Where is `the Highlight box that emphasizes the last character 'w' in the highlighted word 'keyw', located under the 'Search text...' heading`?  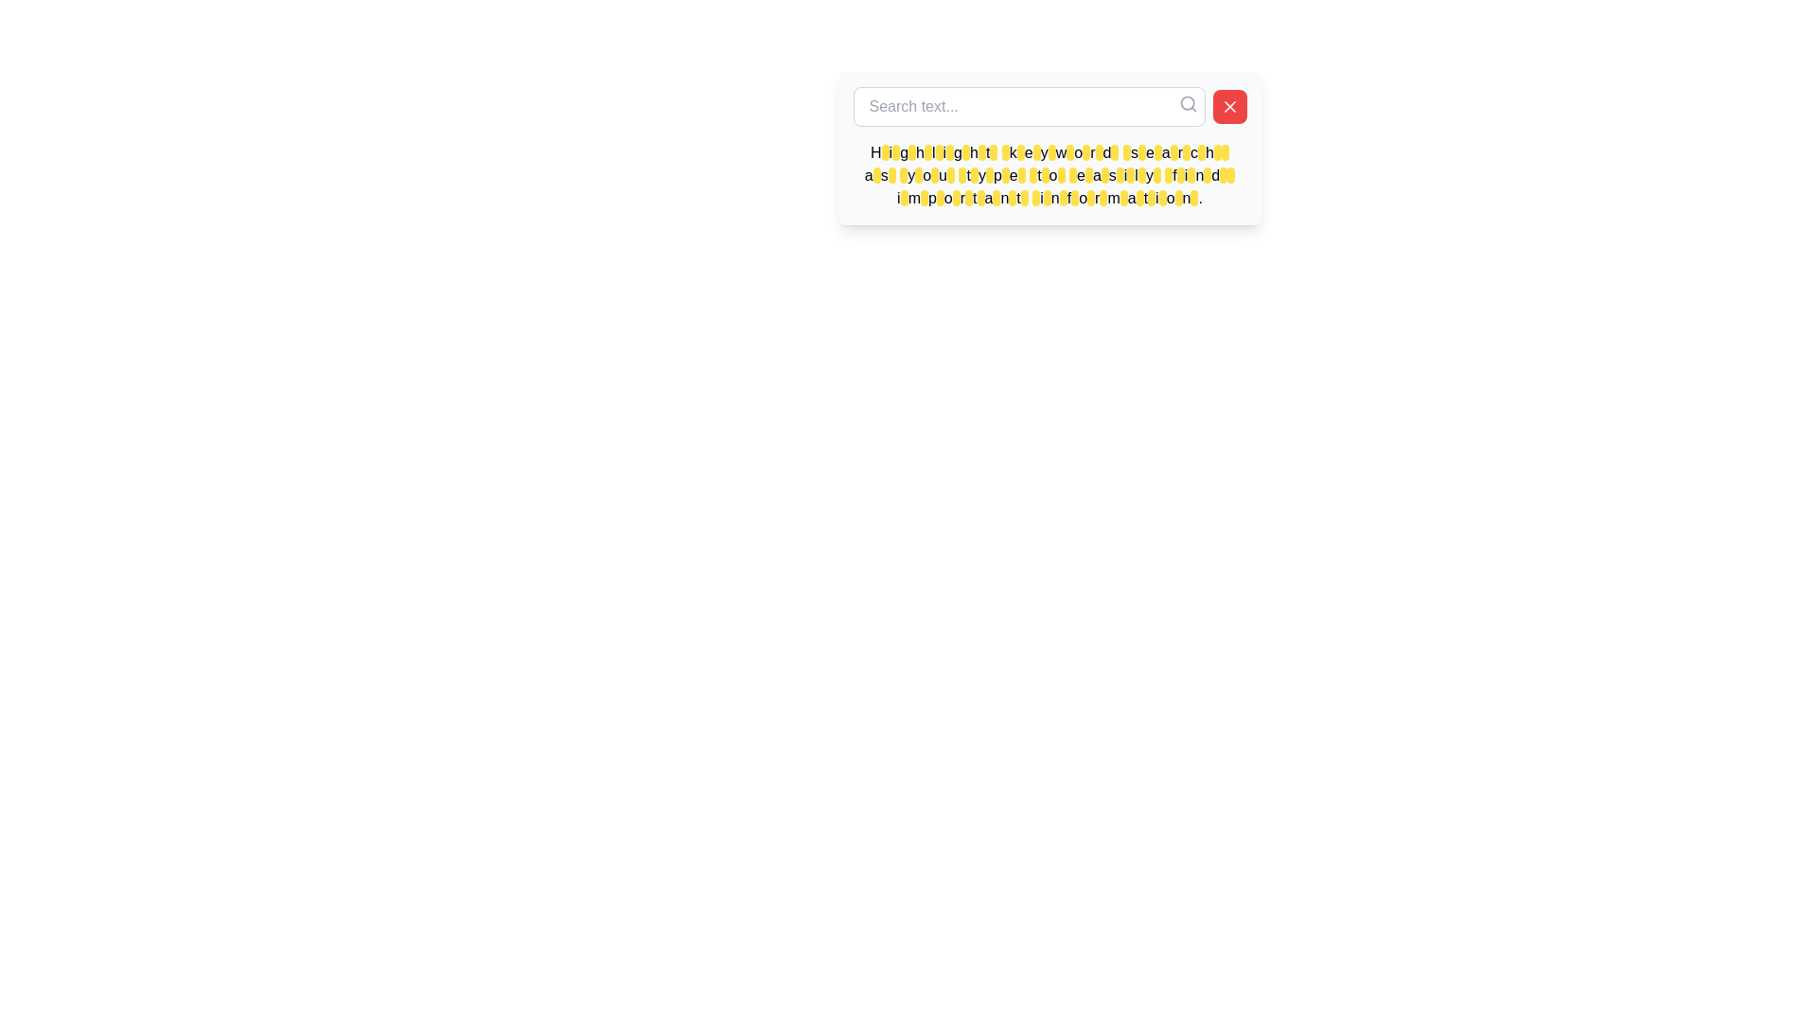
the Highlight box that emphasizes the last character 'w' in the highlighted word 'keyw', located under the 'Search text...' heading is located at coordinates (1140, 175).